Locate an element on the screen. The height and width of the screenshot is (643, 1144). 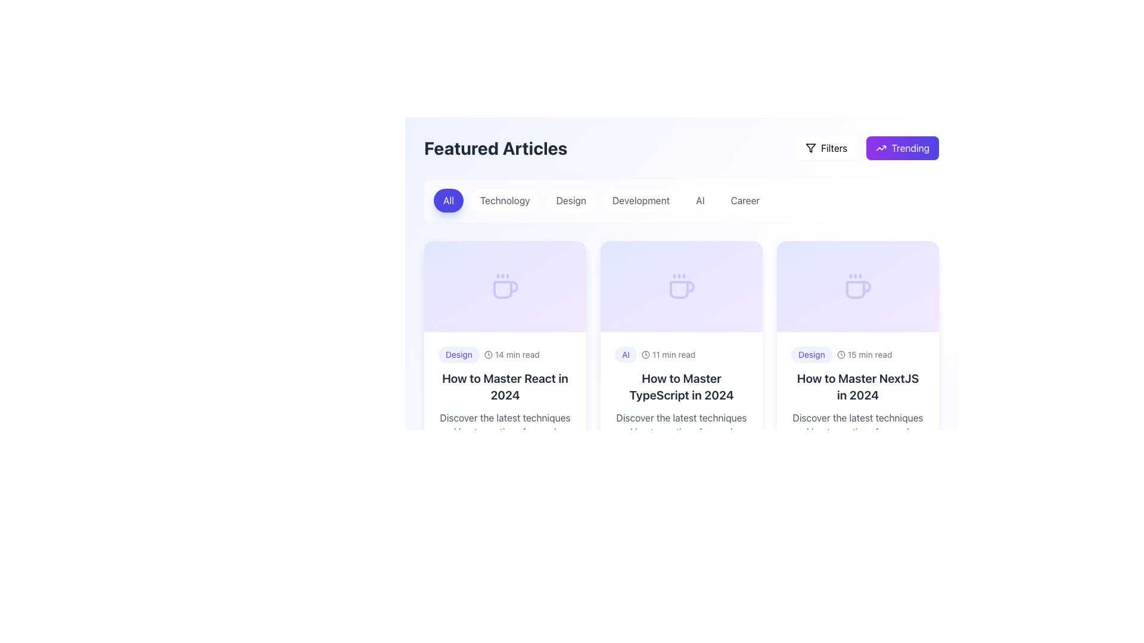
the small clock icon styled with a circular outline and clock hands, which precedes the '14 min read' text in the card titled 'How to Master React in 2024' is located at coordinates (488, 354).